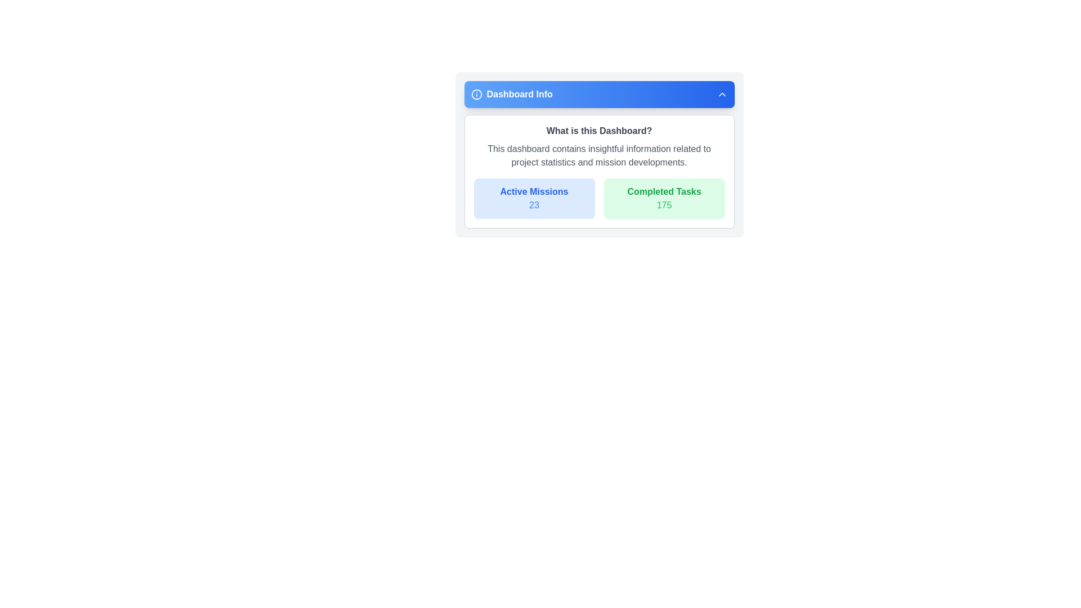 This screenshot has height=608, width=1081. What do you see at coordinates (519, 94) in the screenshot?
I see `the static text label displaying 'Dashboard Info' in bold white font on a blue background, which serves as a header or title of the section` at bounding box center [519, 94].